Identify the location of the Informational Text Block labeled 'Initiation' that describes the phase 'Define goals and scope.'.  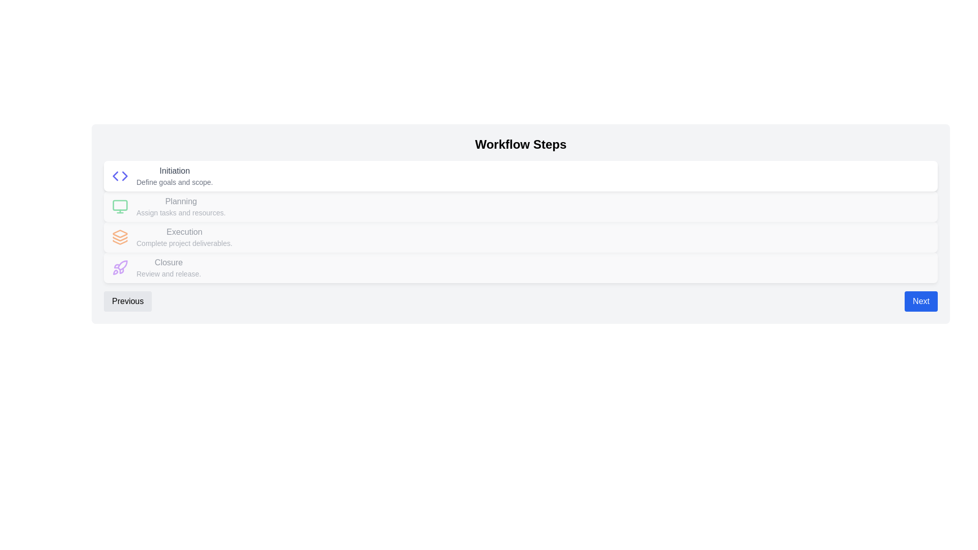
(175, 176).